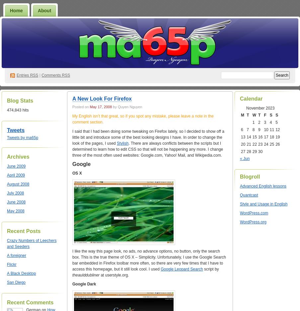 Image resolution: width=300 pixels, height=311 pixels. I want to click on 'Flickr', so click(11, 264).